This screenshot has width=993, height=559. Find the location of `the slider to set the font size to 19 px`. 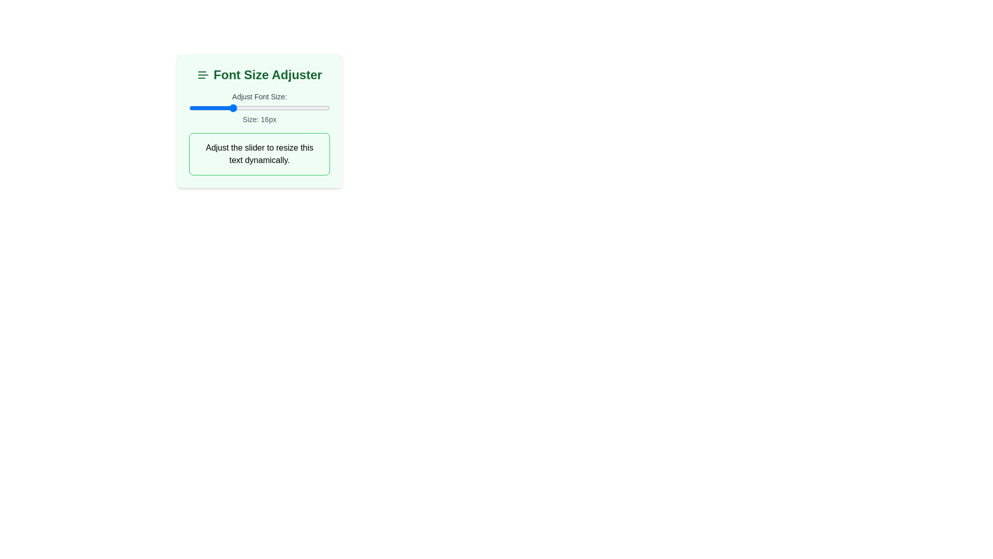

the slider to set the font size to 19 px is located at coordinates (252, 108).